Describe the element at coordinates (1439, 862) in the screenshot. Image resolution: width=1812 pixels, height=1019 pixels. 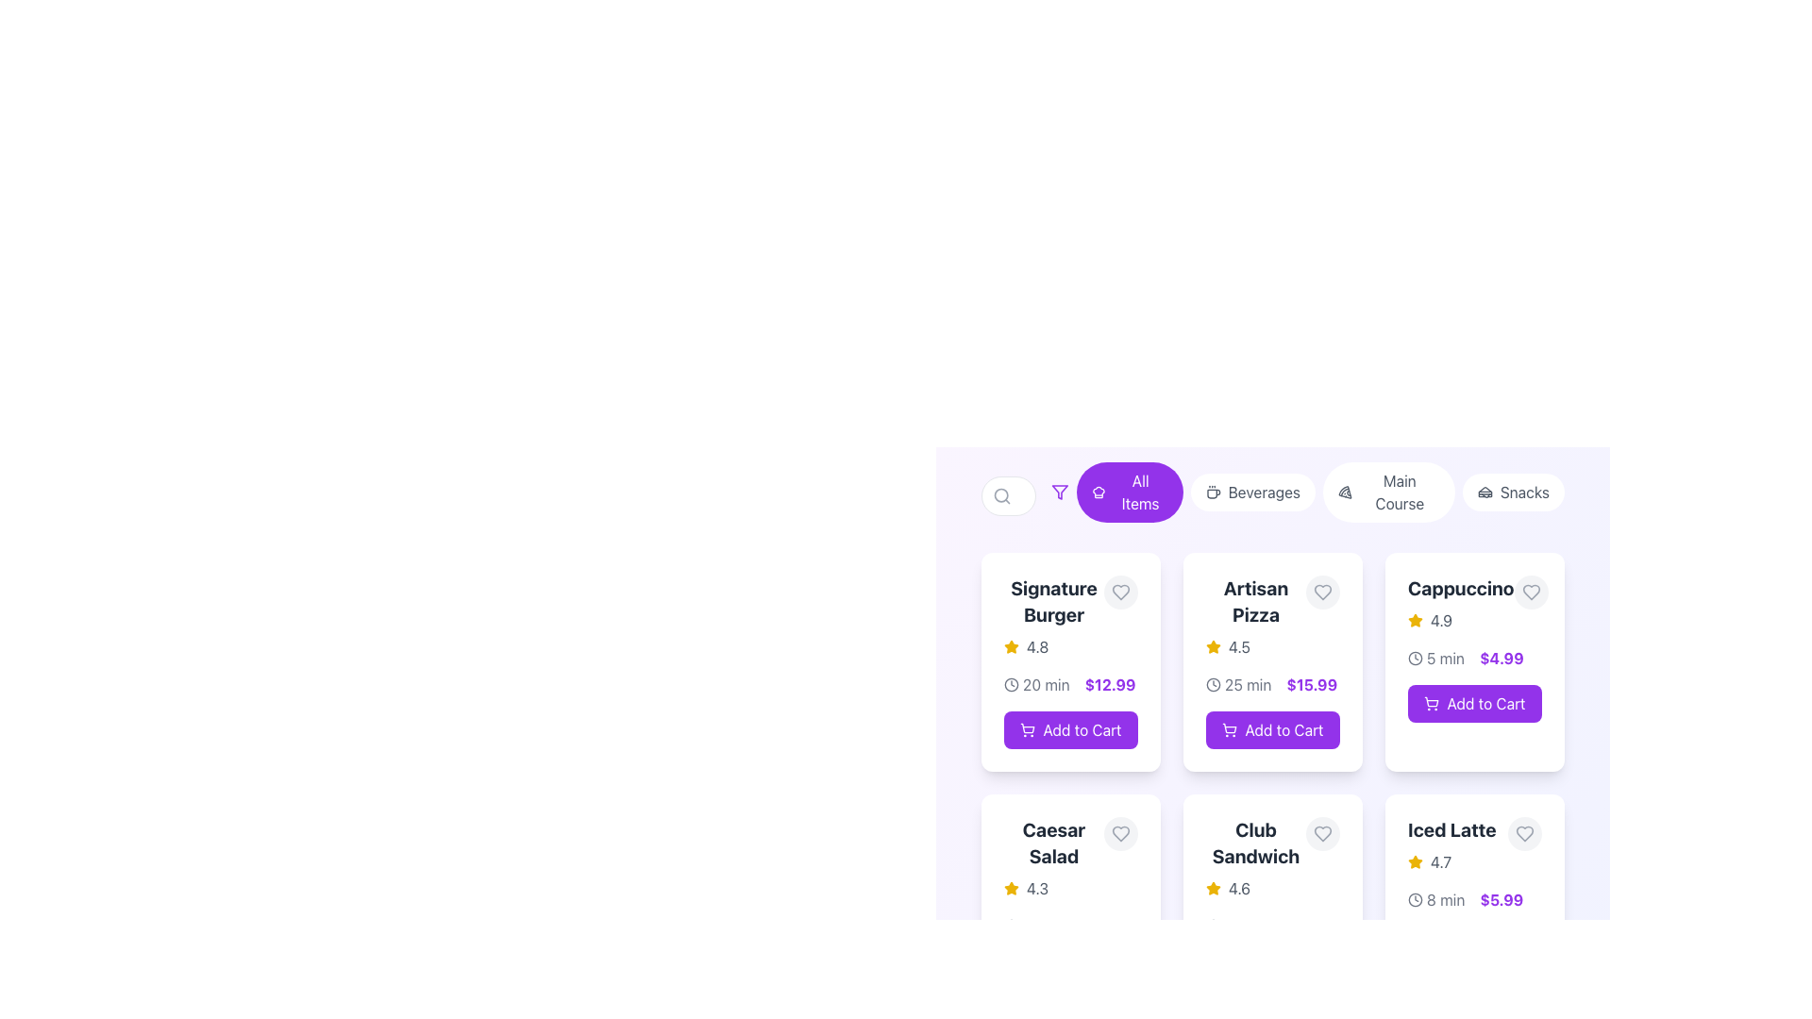
I see `the static text label displaying the average user rating for the 'Iced Latte' item, located in the bottom right section of the item grid` at that location.